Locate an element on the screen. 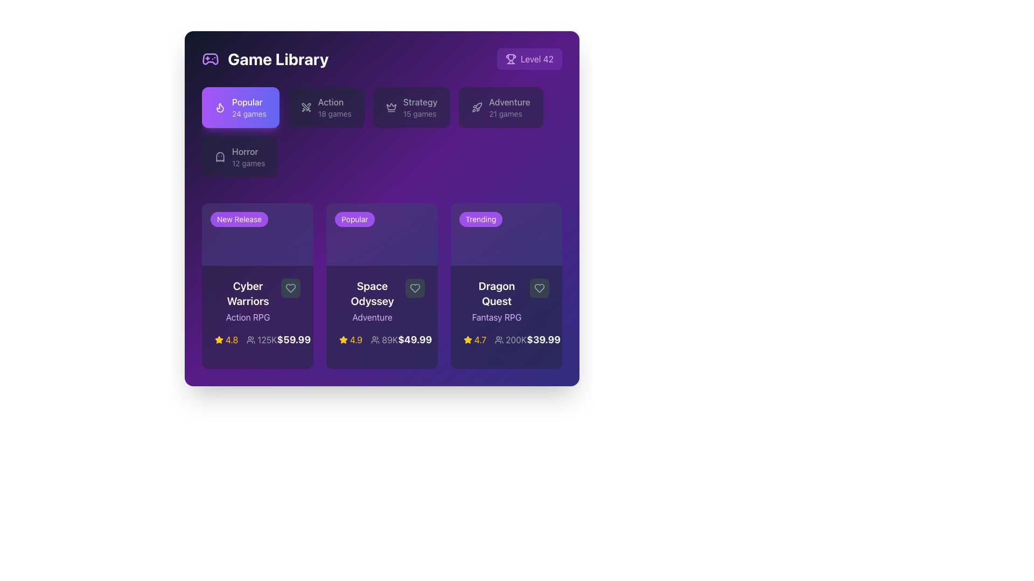  text label with icon that displays the number of views or players for the 'Cyber Warriors' game, located at the bottom-left corner of the game card in the Game Library panel is located at coordinates (262, 340).